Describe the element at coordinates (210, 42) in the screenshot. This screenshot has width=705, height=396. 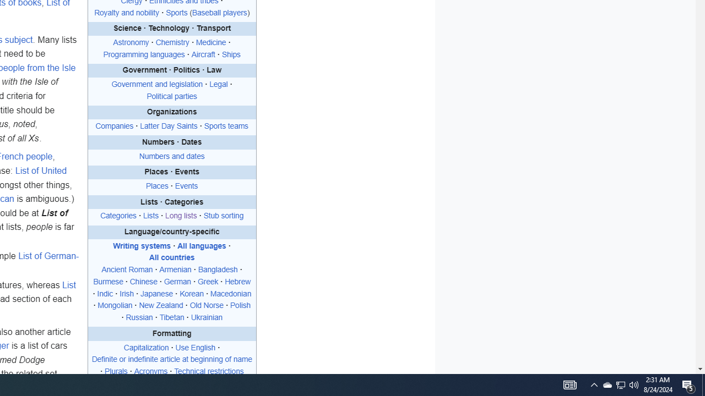
I see `'Medicine'` at that location.